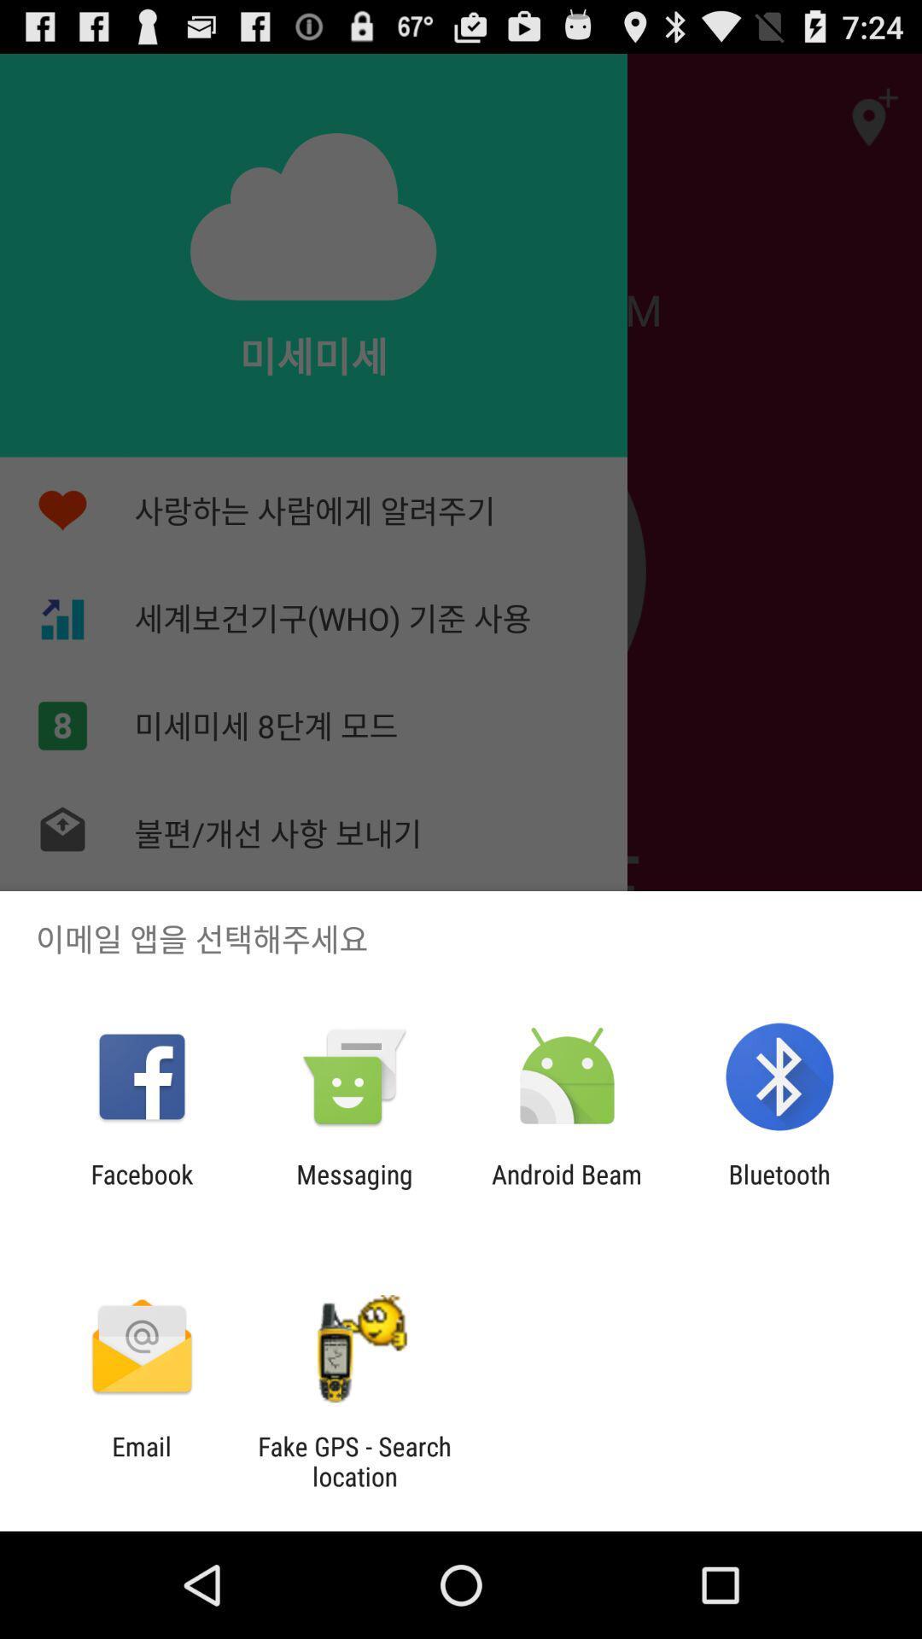 Image resolution: width=922 pixels, height=1639 pixels. I want to click on the android beam, so click(567, 1188).